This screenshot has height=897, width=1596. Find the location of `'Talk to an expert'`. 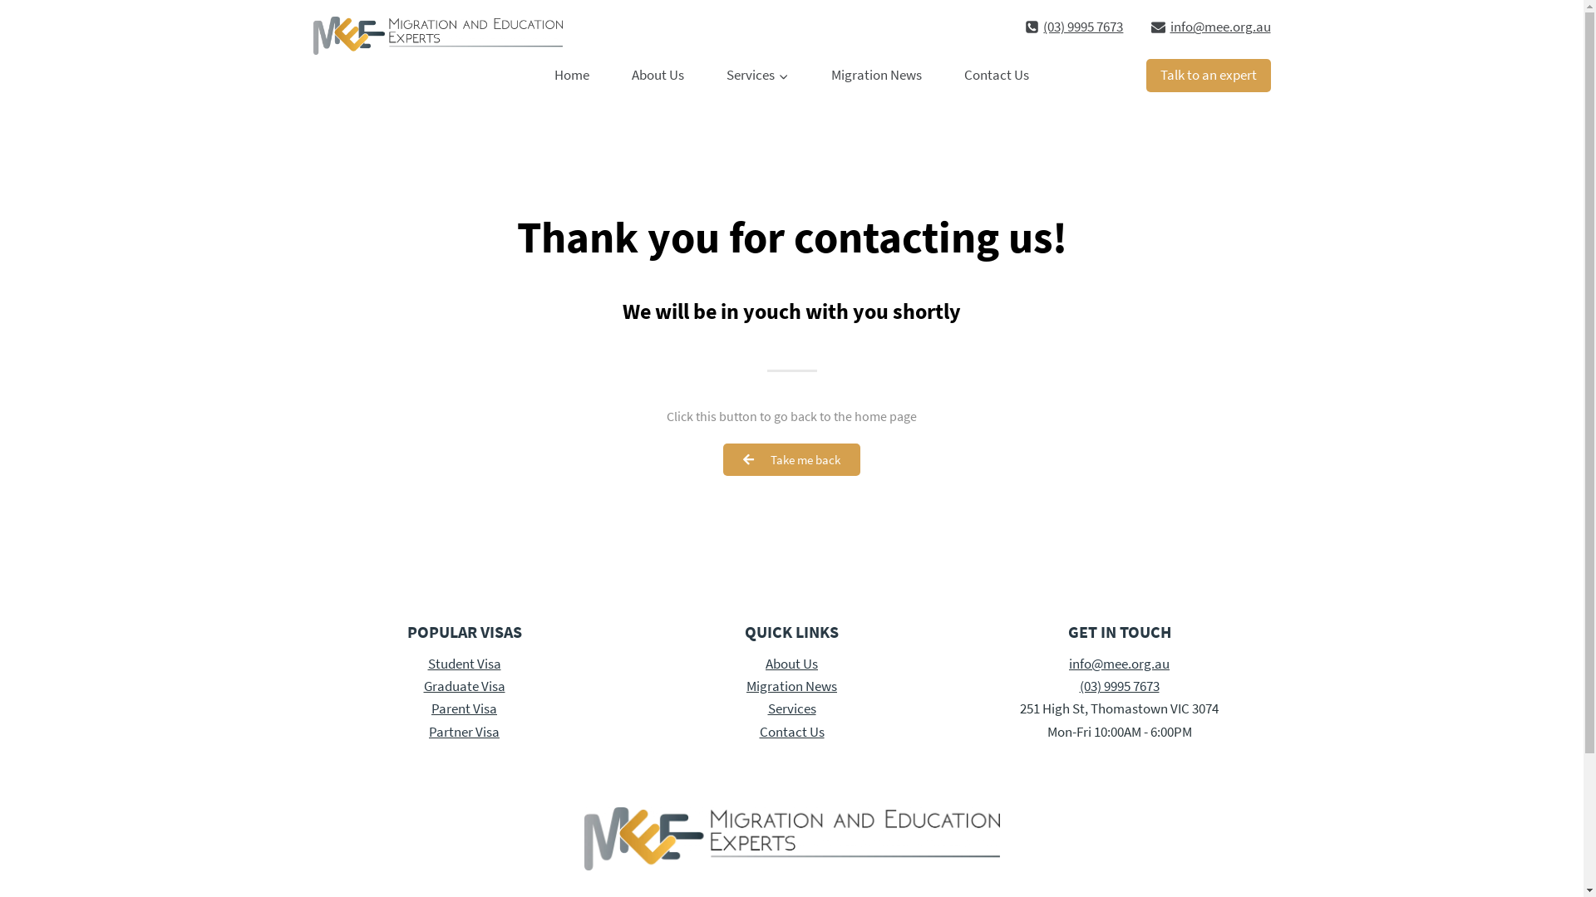

'Talk to an expert' is located at coordinates (1208, 76).